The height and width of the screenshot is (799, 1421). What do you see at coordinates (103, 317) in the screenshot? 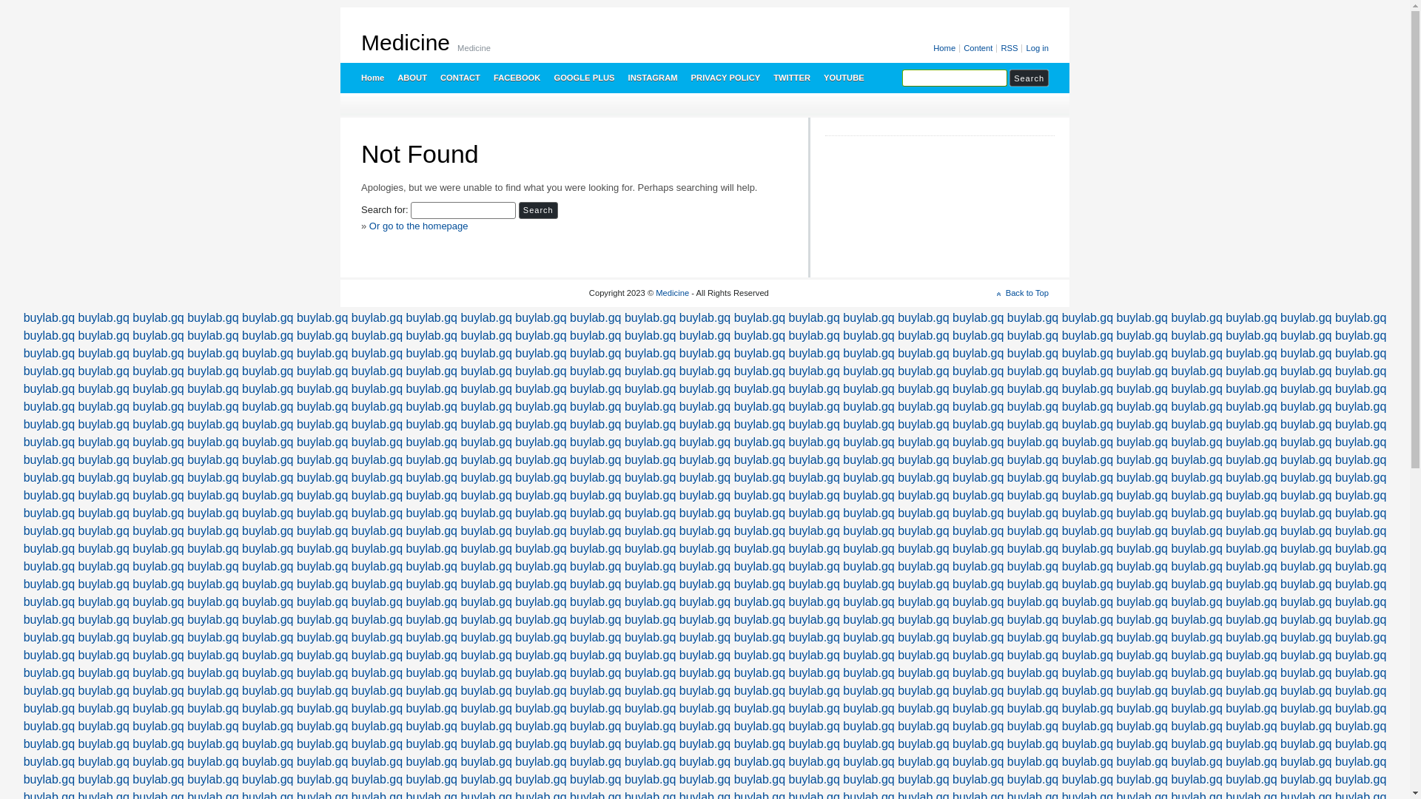
I see `'buylab.gq'` at bounding box center [103, 317].